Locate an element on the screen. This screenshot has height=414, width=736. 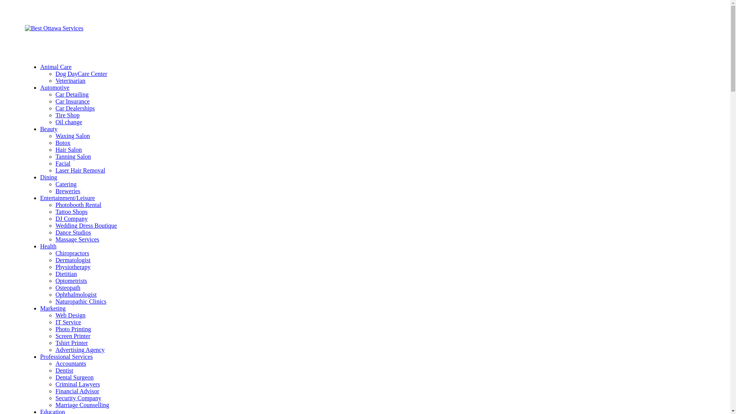
'Photobooth Rental' is located at coordinates (55, 204).